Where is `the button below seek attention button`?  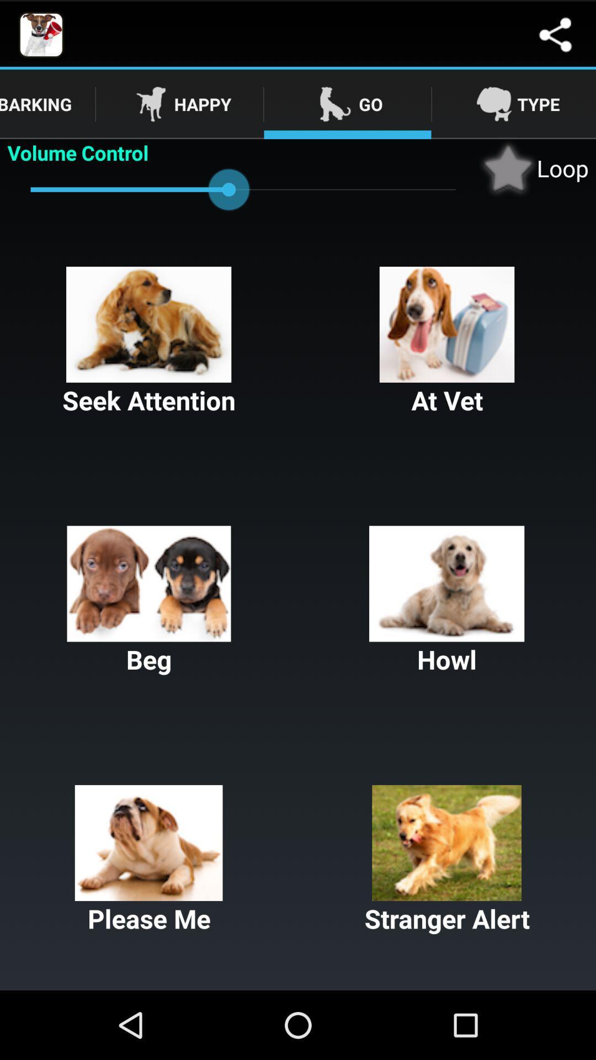 the button below seek attention button is located at coordinates (149, 601).